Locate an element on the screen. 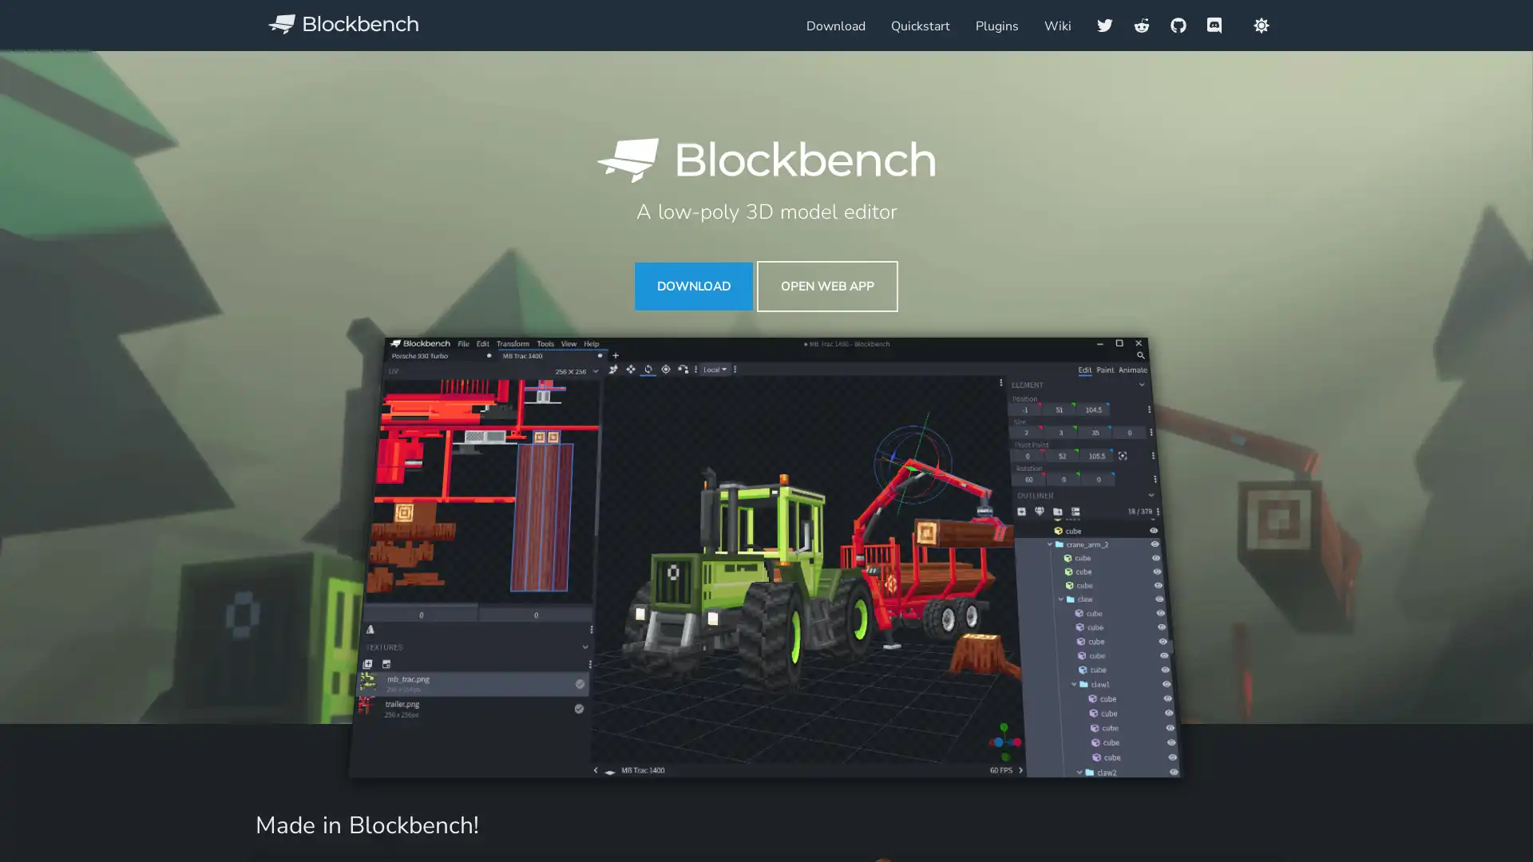 The height and width of the screenshot is (862, 1533). OPEN WEB APP is located at coordinates (827, 285).